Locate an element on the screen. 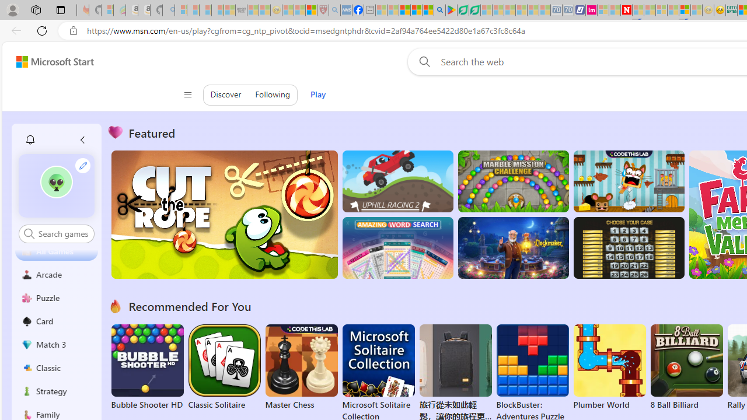 The width and height of the screenshot is (747, 420). 'Cut the Rope' is located at coordinates (224, 214).